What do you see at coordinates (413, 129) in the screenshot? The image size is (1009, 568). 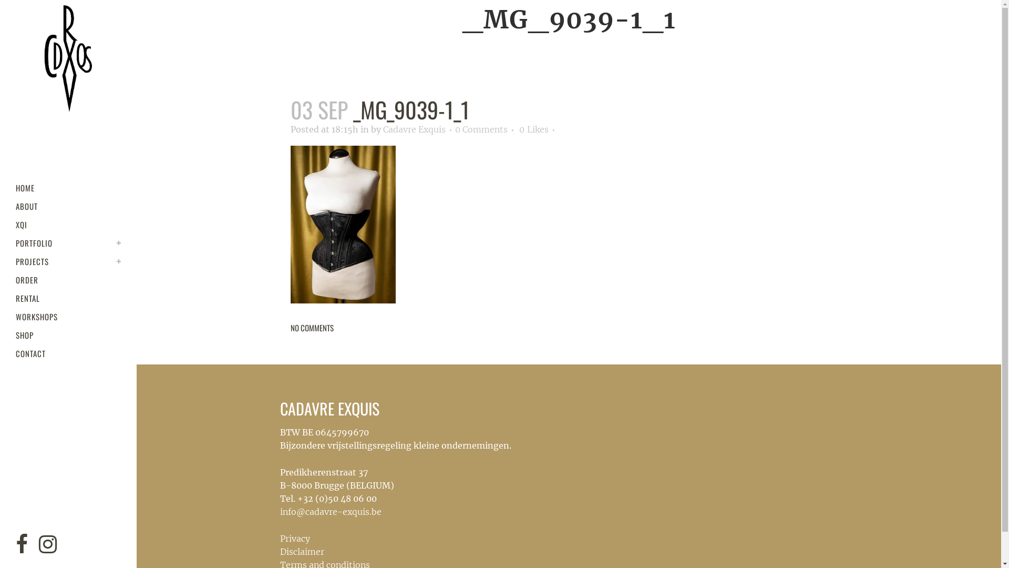 I see `'Cadavre Exquis'` at bounding box center [413, 129].